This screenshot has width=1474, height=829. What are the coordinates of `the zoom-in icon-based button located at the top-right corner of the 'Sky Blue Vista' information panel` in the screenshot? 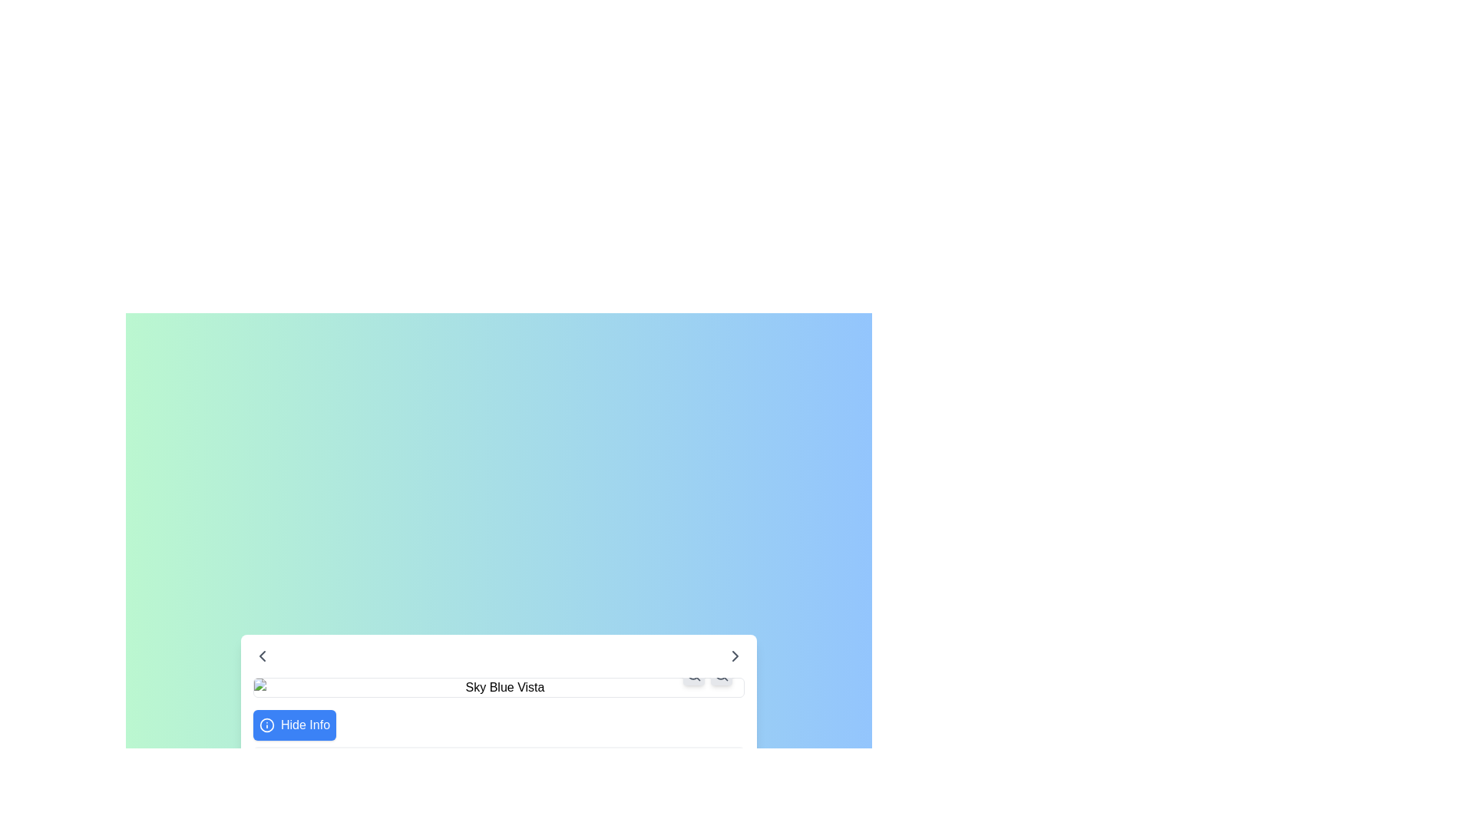 It's located at (721, 674).